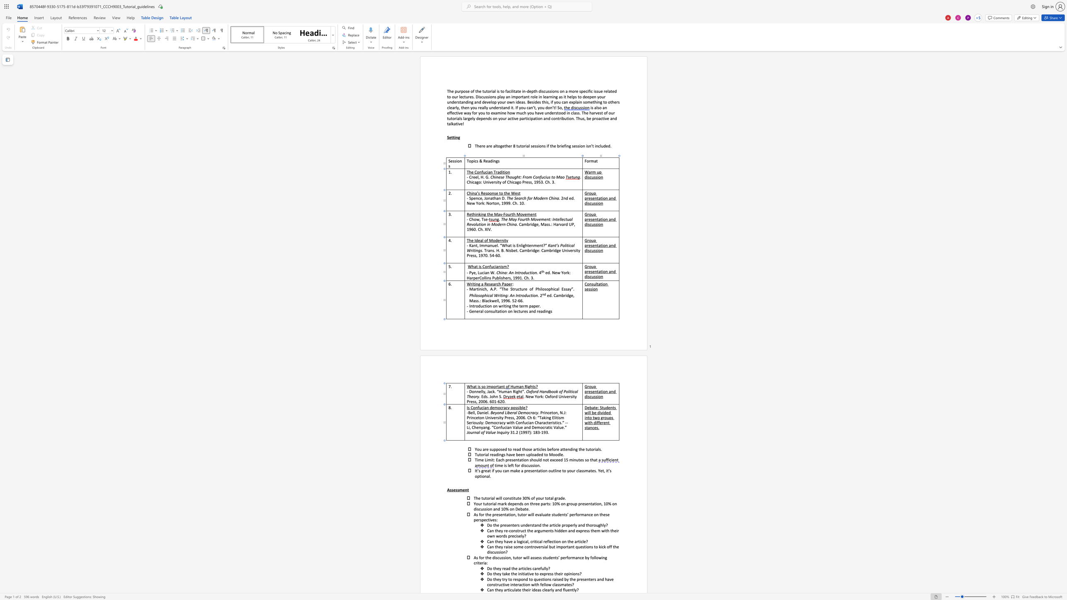 The height and width of the screenshot is (600, 1067). I want to click on the space between the continuous character "r" and "i" in the text, so click(594, 449).